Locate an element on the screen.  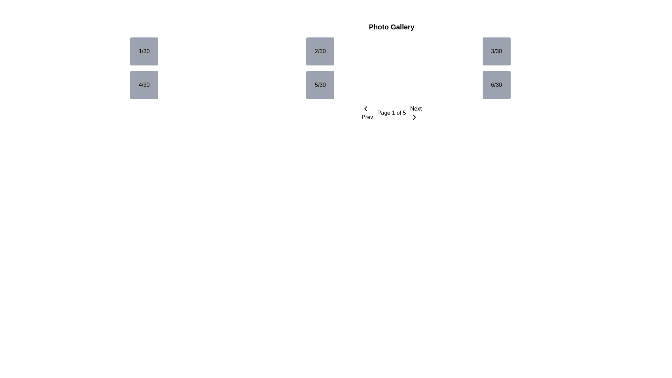
the Display label or indicator showing '2/30' in the Photo Gallery, which is located in the first row and second column of the grid is located at coordinates (320, 51).